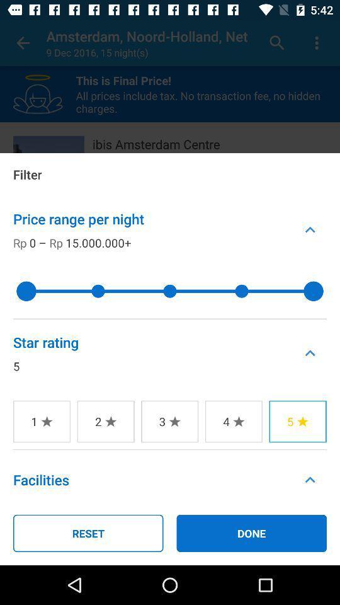  Describe the element at coordinates (88, 533) in the screenshot. I see `the reset icon` at that location.